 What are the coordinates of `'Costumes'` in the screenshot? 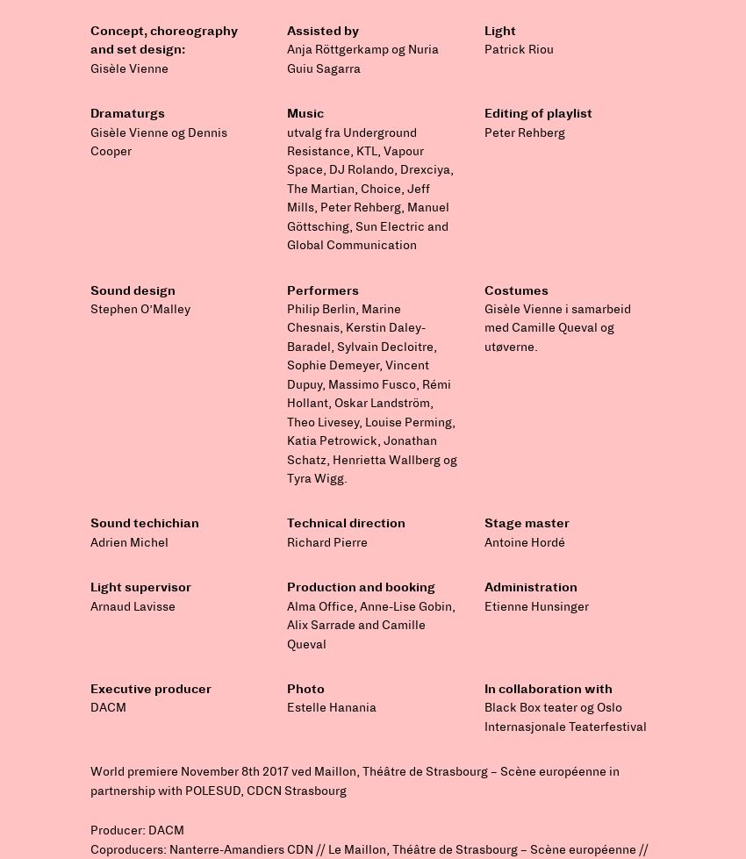 It's located at (516, 290).